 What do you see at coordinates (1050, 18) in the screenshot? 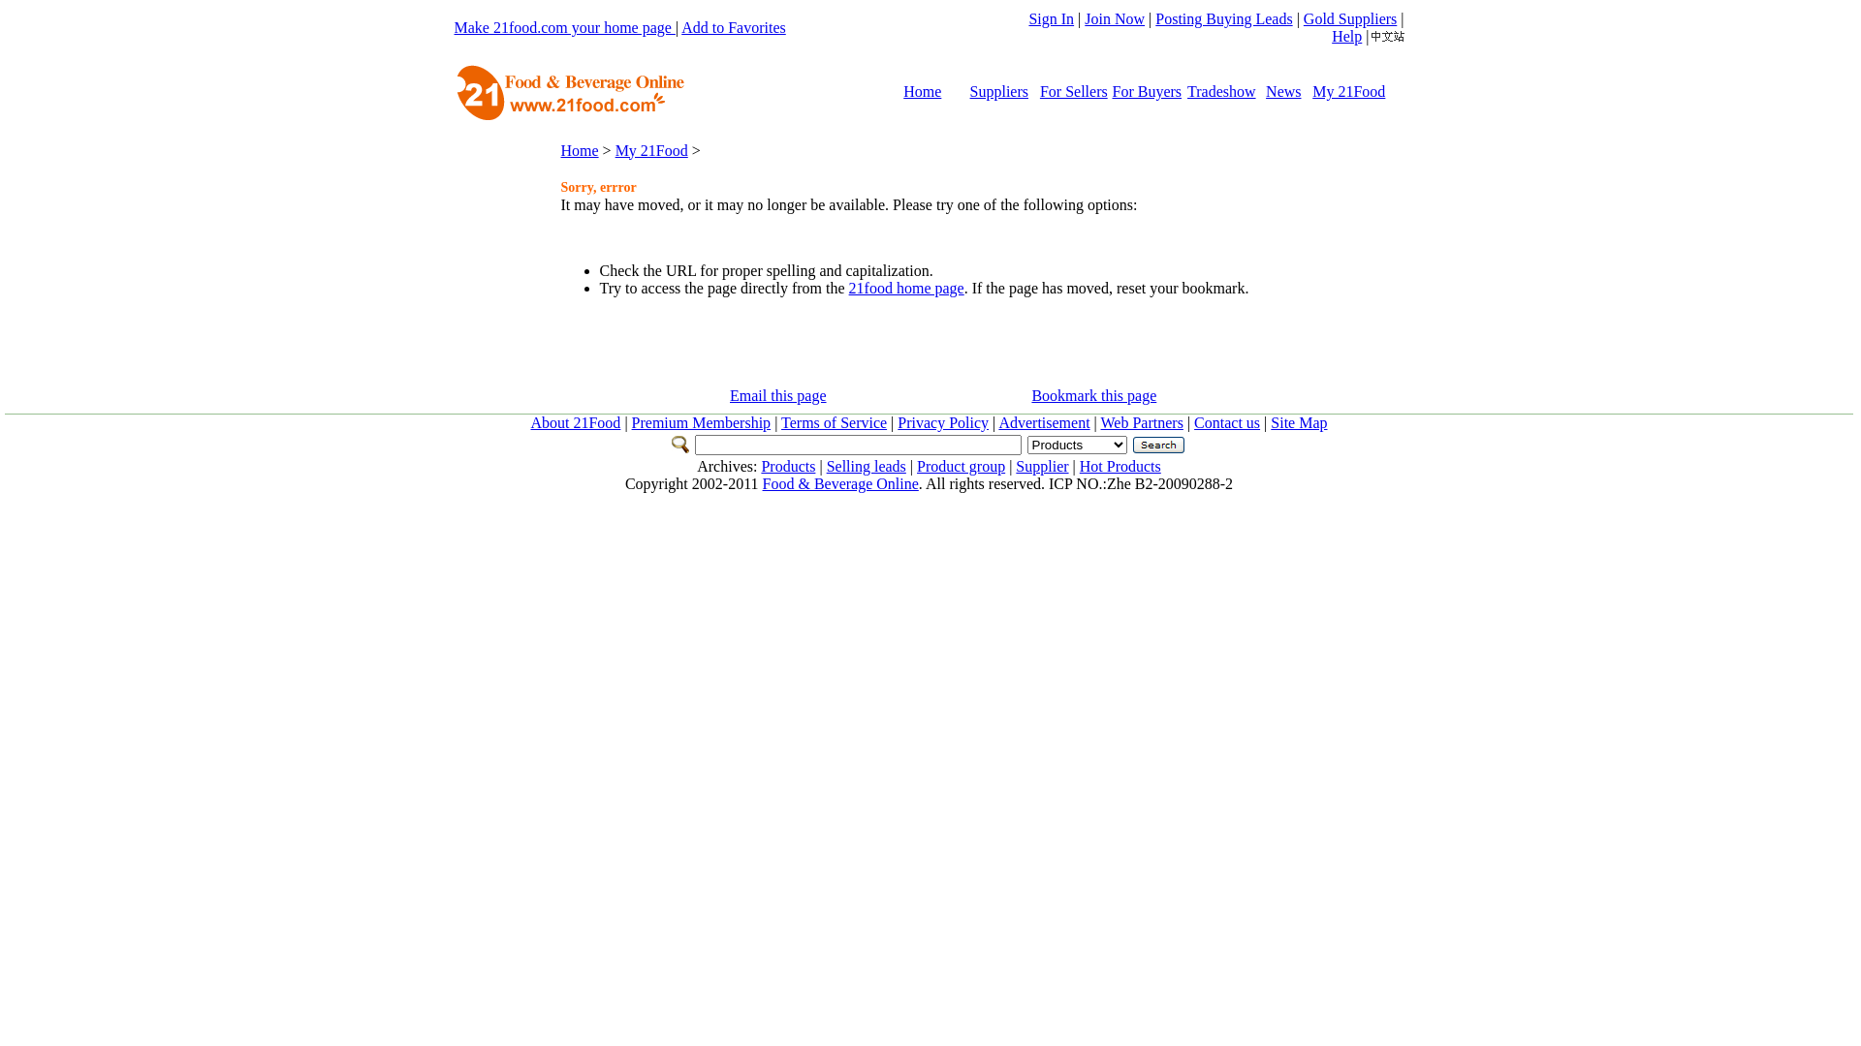
I see `'Sign In'` at bounding box center [1050, 18].